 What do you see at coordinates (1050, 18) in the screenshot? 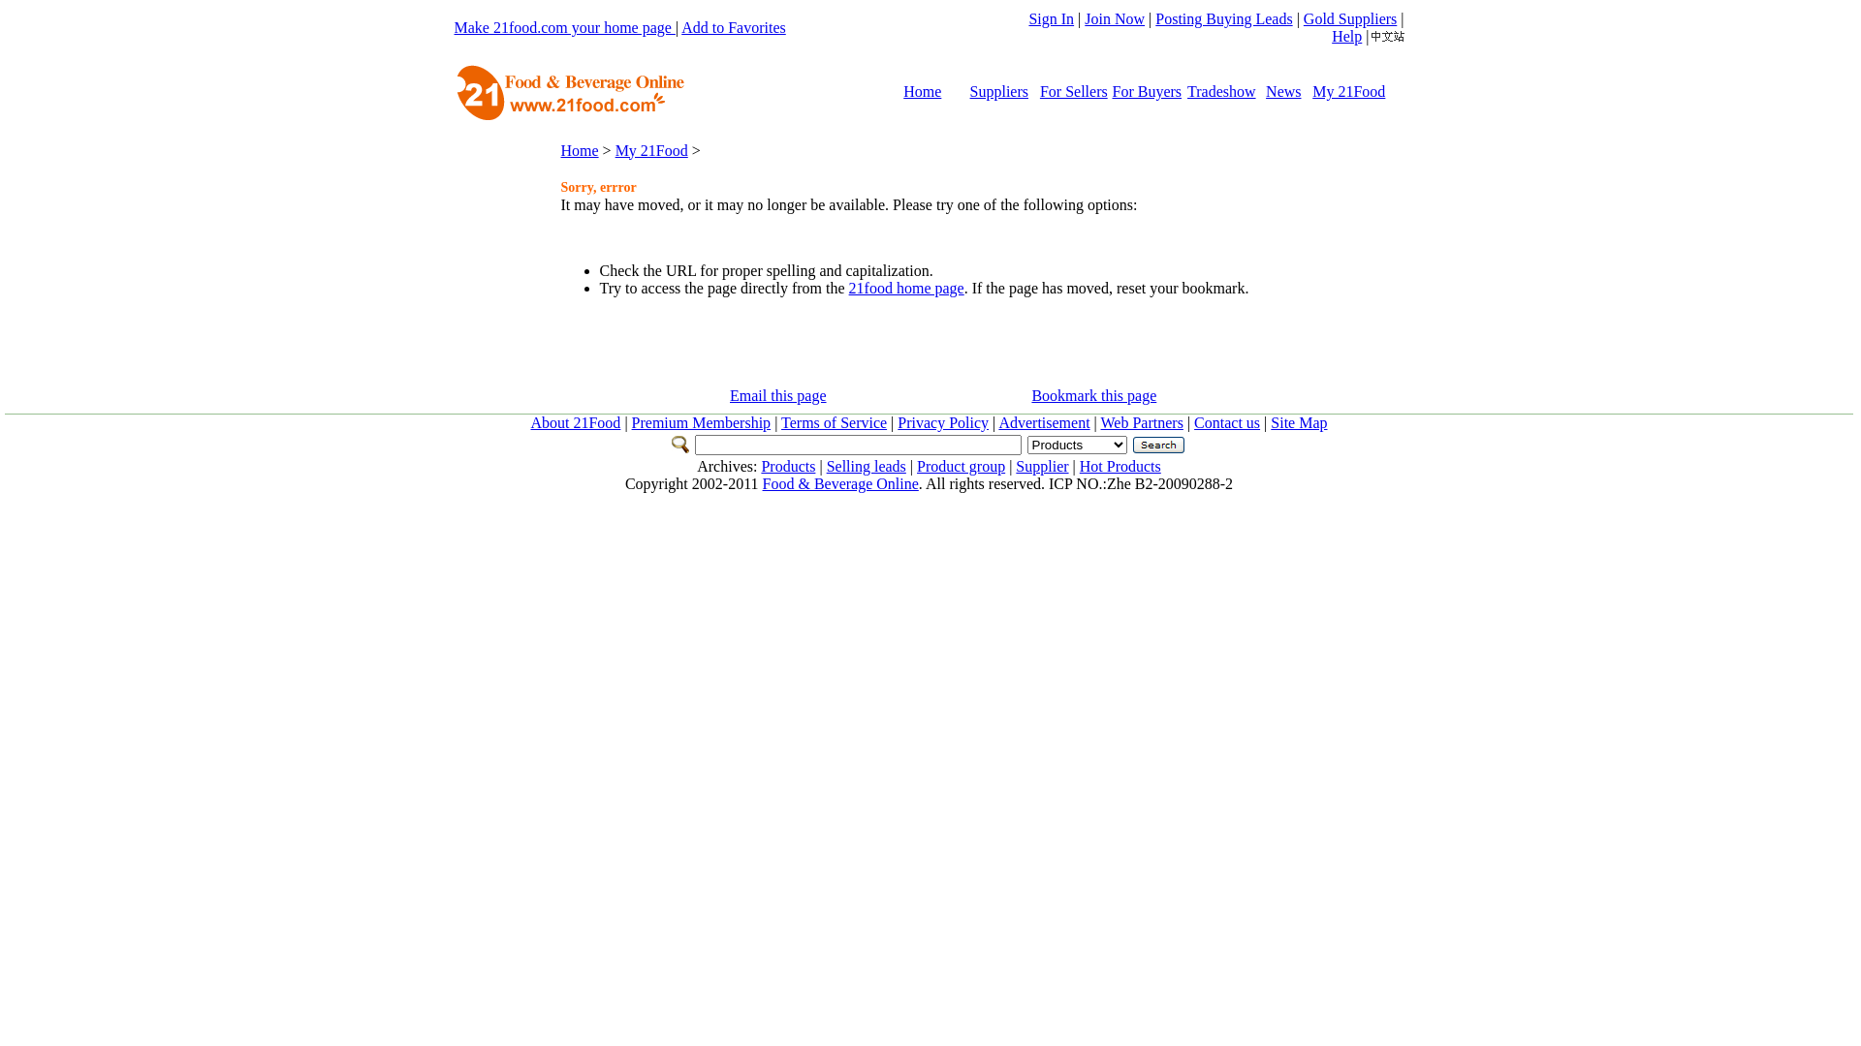
I see `'Sign In'` at bounding box center [1050, 18].